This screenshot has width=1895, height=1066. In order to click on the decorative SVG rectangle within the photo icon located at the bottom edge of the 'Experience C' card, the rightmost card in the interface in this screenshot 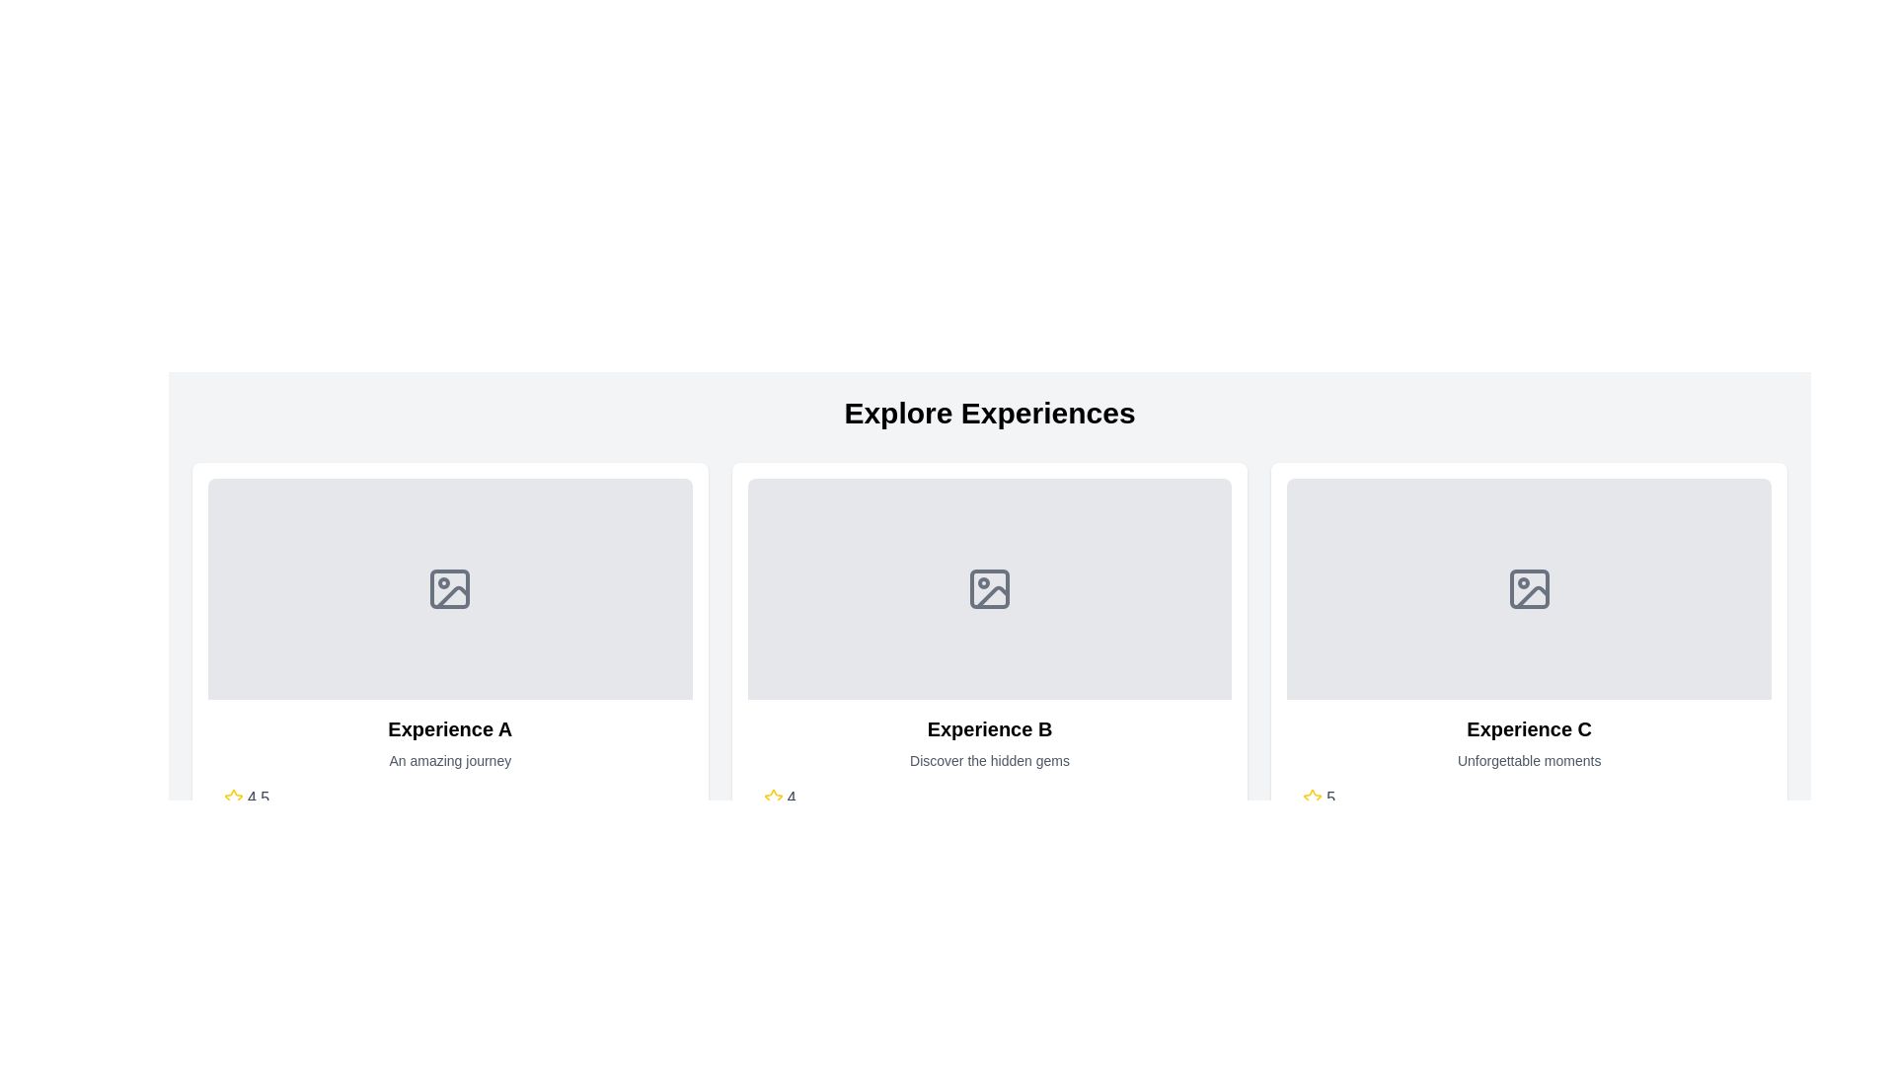, I will do `click(1528, 588)`.